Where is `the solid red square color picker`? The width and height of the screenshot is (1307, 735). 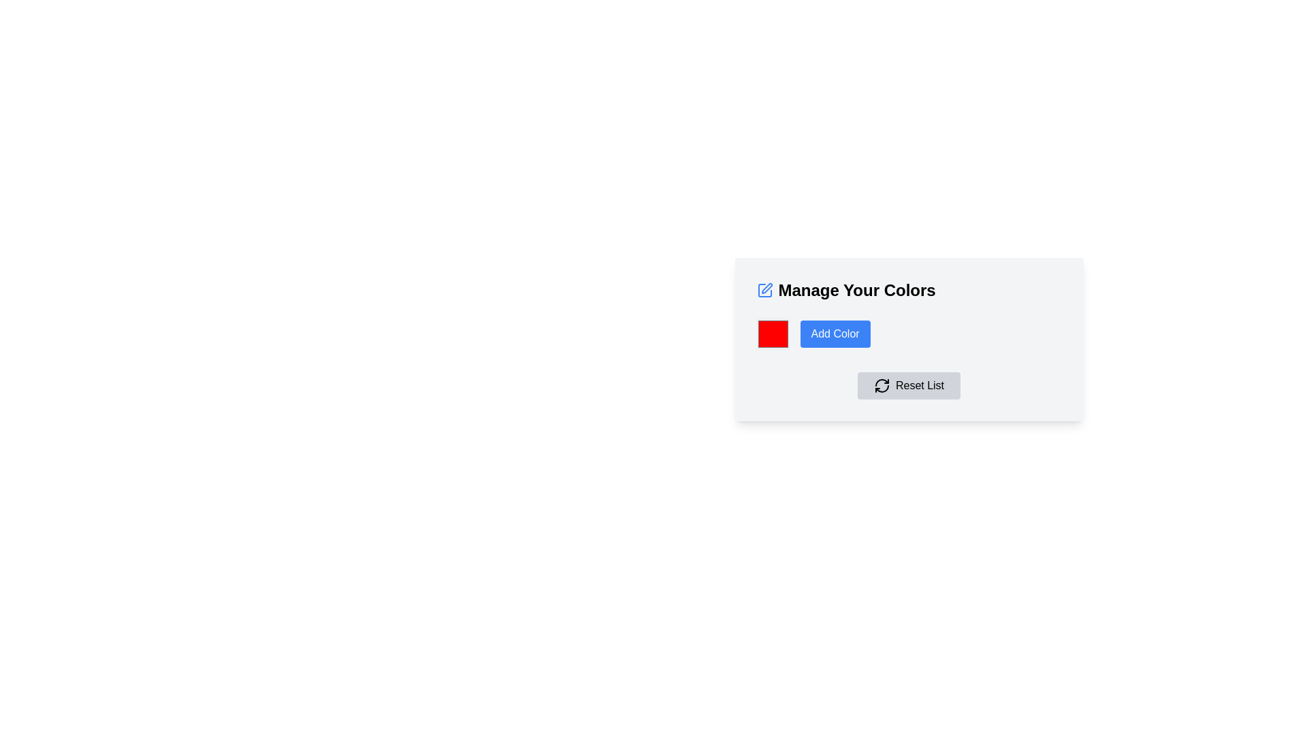
the solid red square color picker is located at coordinates (773, 333).